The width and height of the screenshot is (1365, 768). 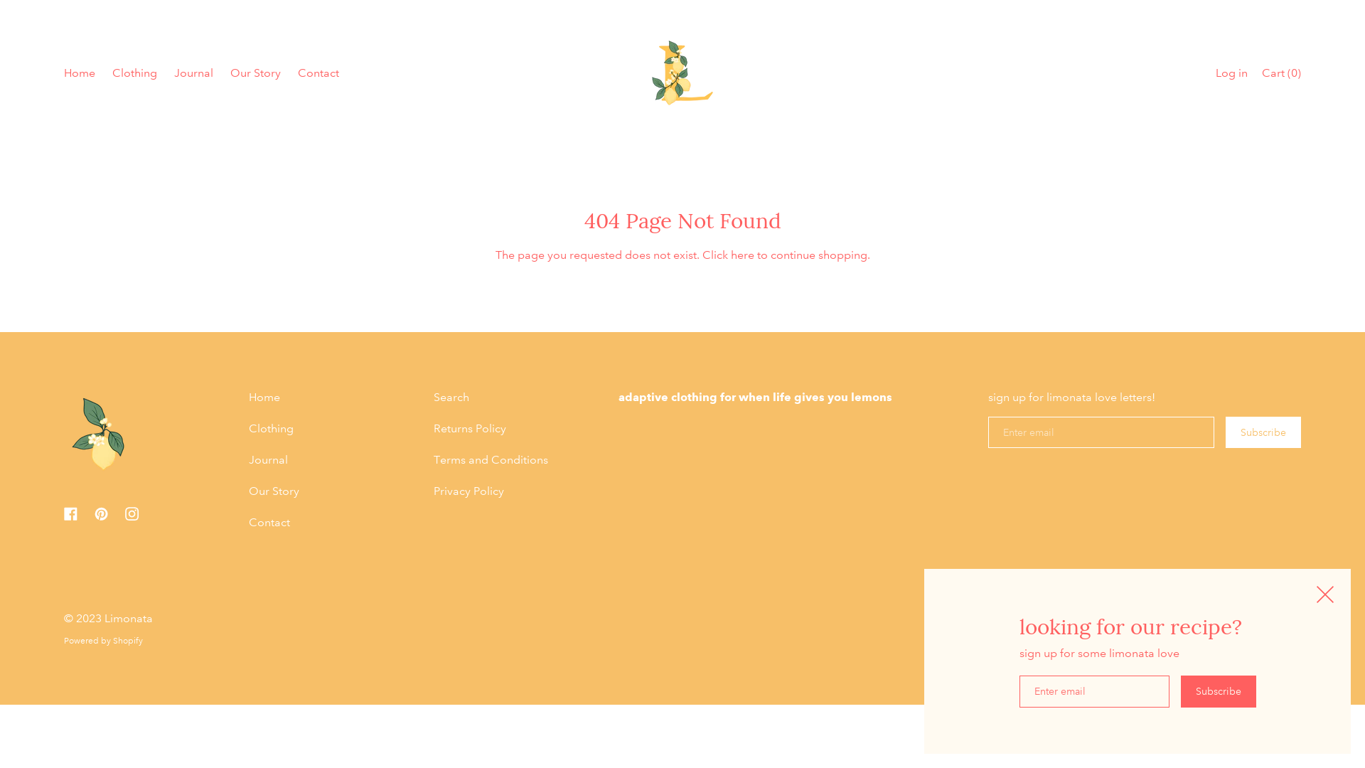 What do you see at coordinates (470, 427) in the screenshot?
I see `'Returns Policy'` at bounding box center [470, 427].